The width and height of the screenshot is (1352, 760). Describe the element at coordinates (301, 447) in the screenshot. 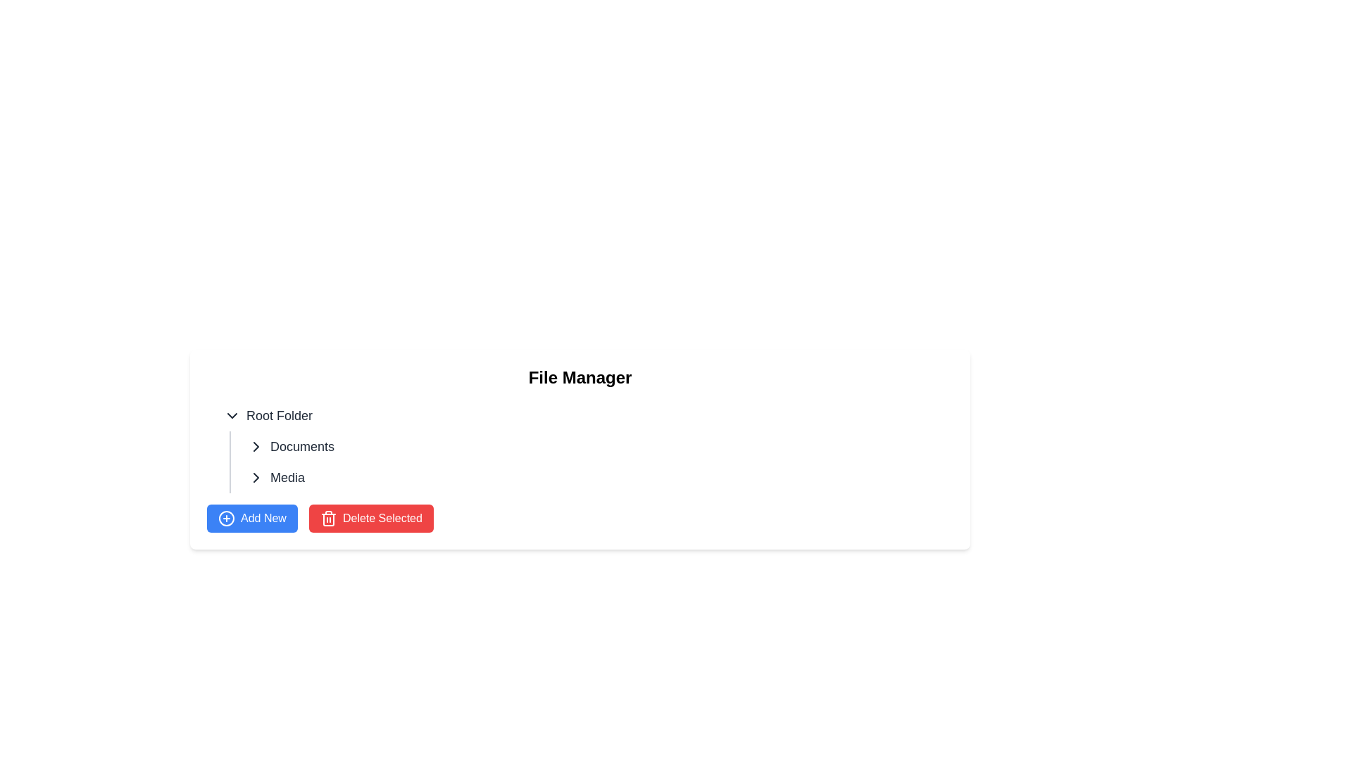

I see `the 'Documents' Text Label in the file management interface` at that location.